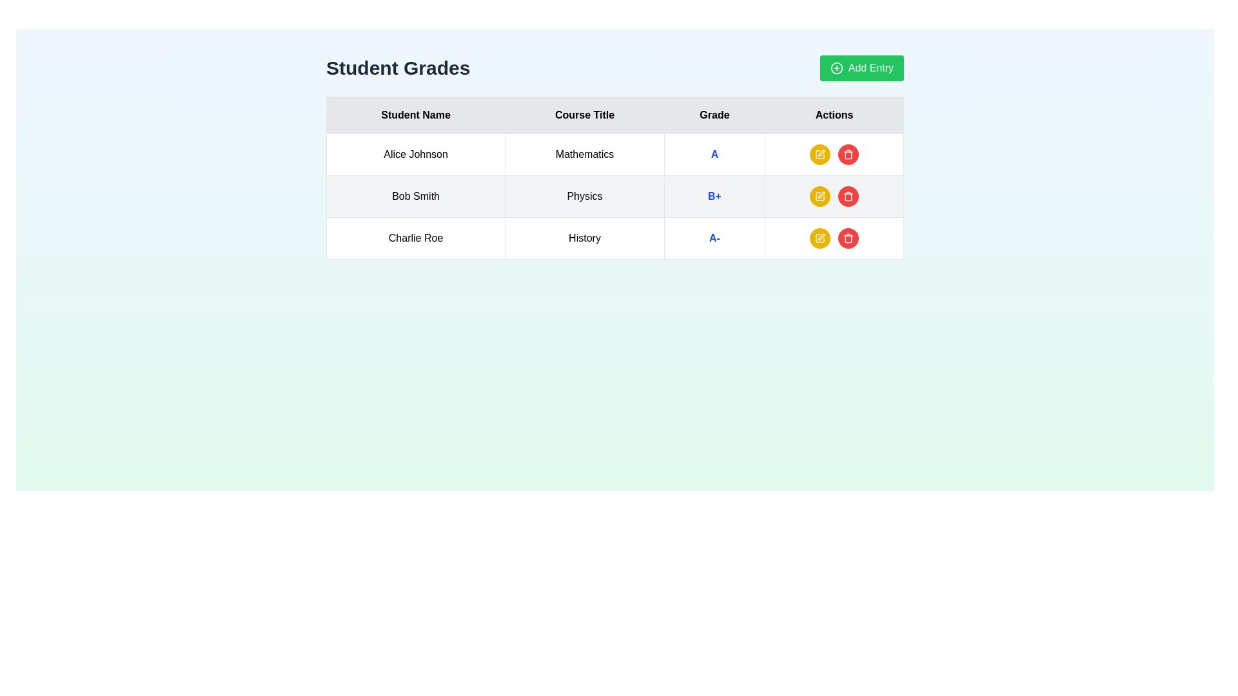 The width and height of the screenshot is (1238, 696). Describe the element at coordinates (397, 68) in the screenshot. I see `the 'Student Grades' text header, which is a prominent and bold label positioned above the data table, acting as its title` at that location.